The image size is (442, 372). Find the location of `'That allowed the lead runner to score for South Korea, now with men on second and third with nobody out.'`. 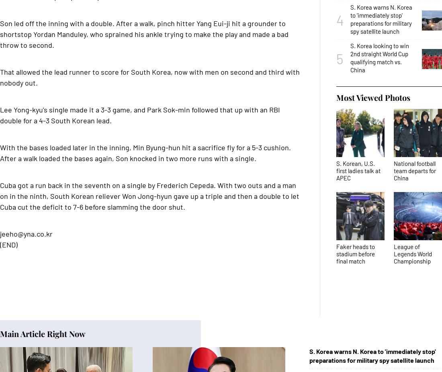

'That allowed the lead runner to score for South Korea, now with men on second and third with nobody out.' is located at coordinates (150, 77).